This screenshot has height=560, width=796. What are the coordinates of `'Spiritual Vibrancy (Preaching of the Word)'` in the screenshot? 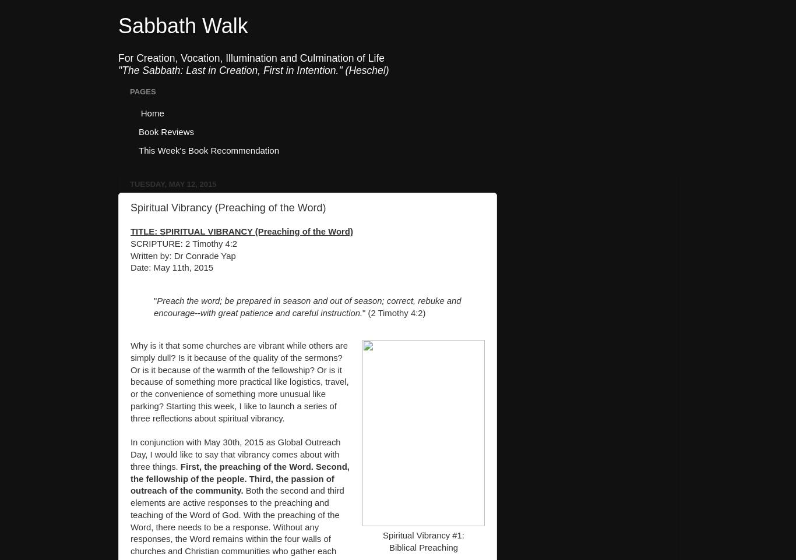 It's located at (227, 207).